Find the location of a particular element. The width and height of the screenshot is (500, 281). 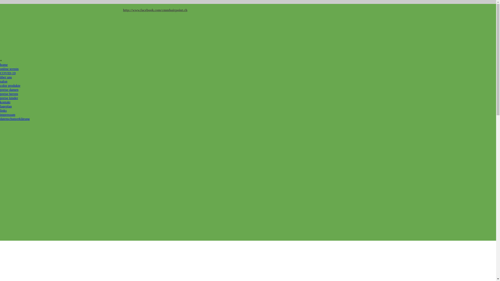

'links' is located at coordinates (3, 110).